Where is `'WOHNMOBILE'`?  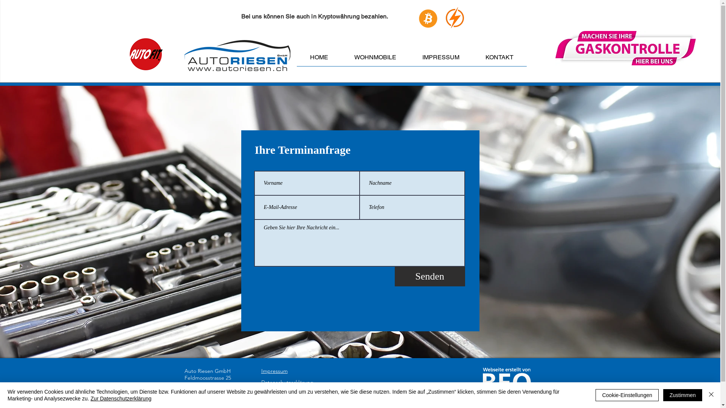 'WOHNMOBILE' is located at coordinates (341, 59).